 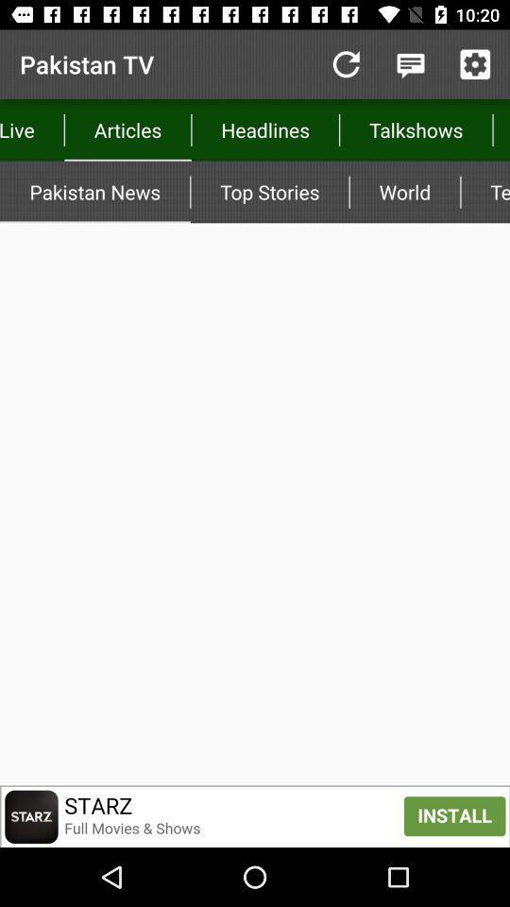 What do you see at coordinates (410, 64) in the screenshot?
I see `messaging` at bounding box center [410, 64].